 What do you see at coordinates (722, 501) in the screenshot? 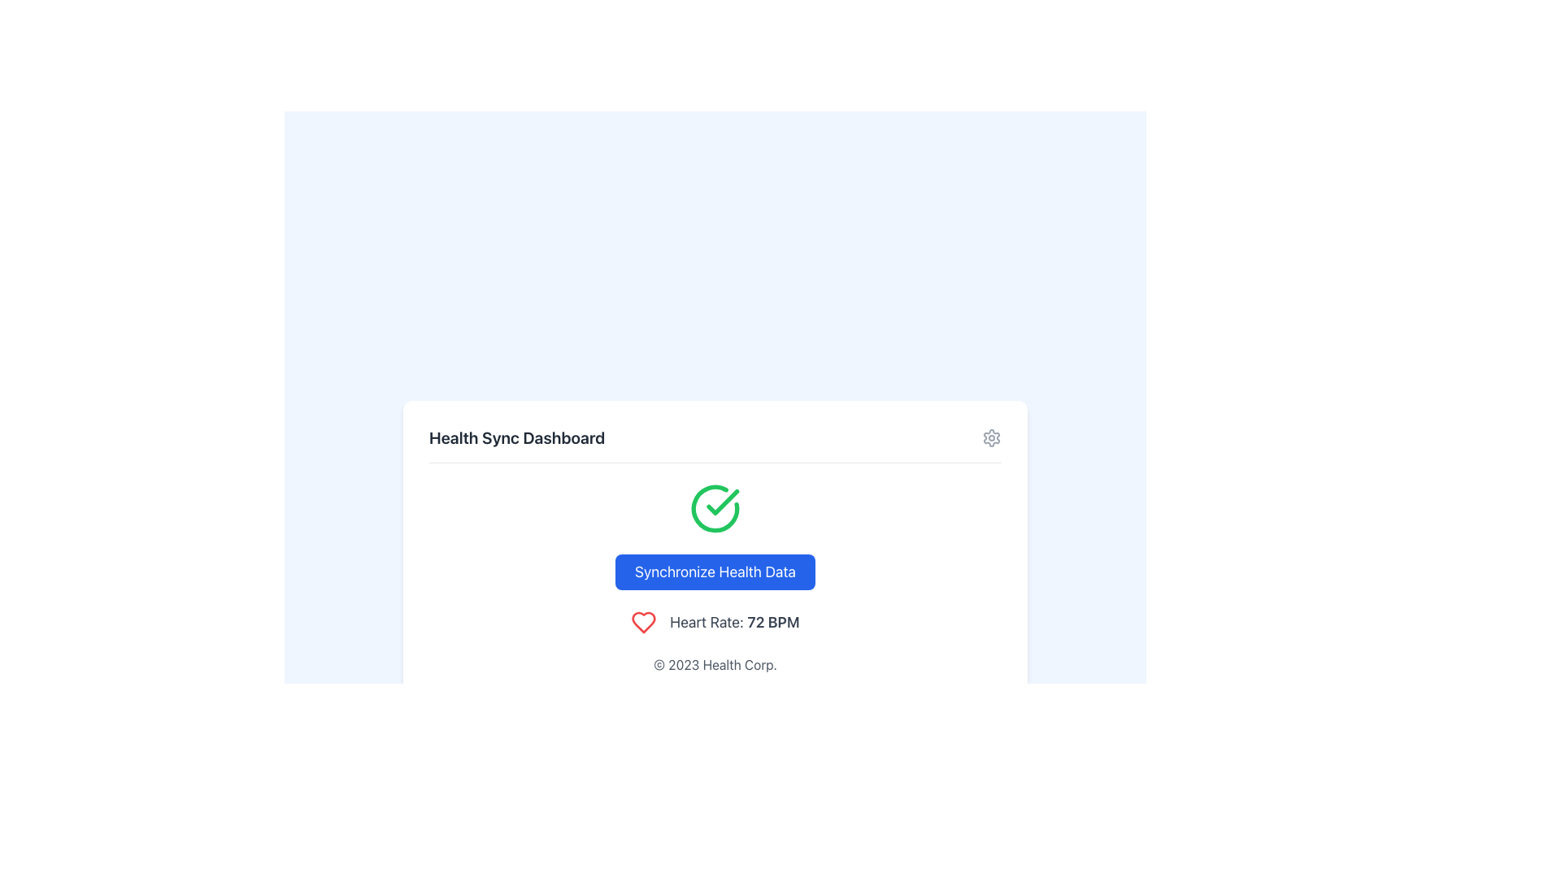
I see `the green circular badge with a checkmark, which indicates success or completion, located just above the blue 'Synchronize Health Data' button` at bounding box center [722, 501].